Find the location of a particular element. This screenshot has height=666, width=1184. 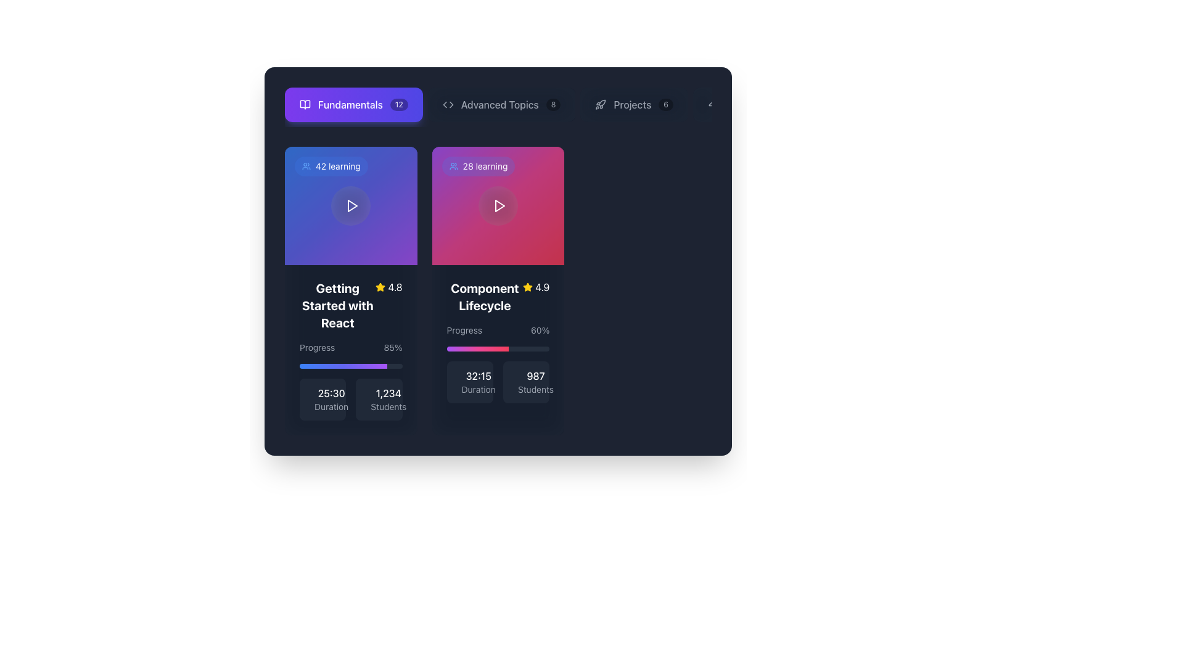

the arrow-shaped vector graphic element located in the top-right portion of the UI to trigger a tooltip or effect is located at coordinates (444, 104).